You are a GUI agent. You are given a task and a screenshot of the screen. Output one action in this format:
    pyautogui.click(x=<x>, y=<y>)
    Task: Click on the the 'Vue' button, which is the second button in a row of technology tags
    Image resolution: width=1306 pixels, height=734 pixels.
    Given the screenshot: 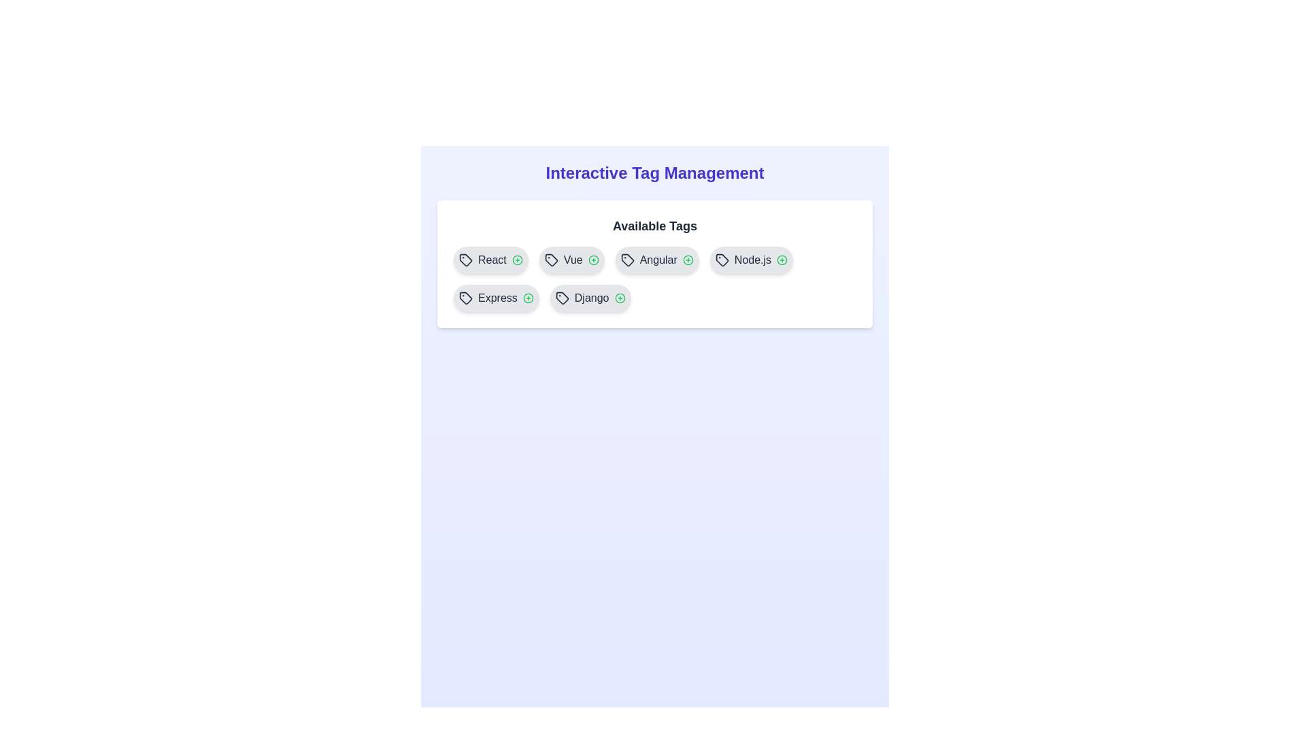 What is the action you would take?
    pyautogui.click(x=571, y=260)
    